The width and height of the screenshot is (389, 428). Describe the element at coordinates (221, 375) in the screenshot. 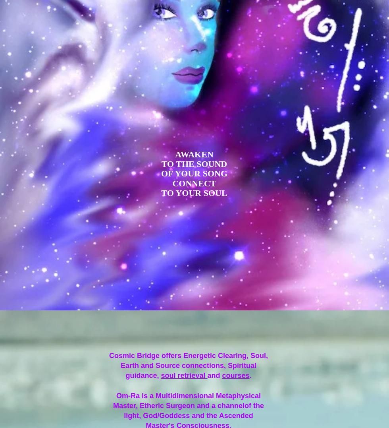

I see `'courses'` at that location.